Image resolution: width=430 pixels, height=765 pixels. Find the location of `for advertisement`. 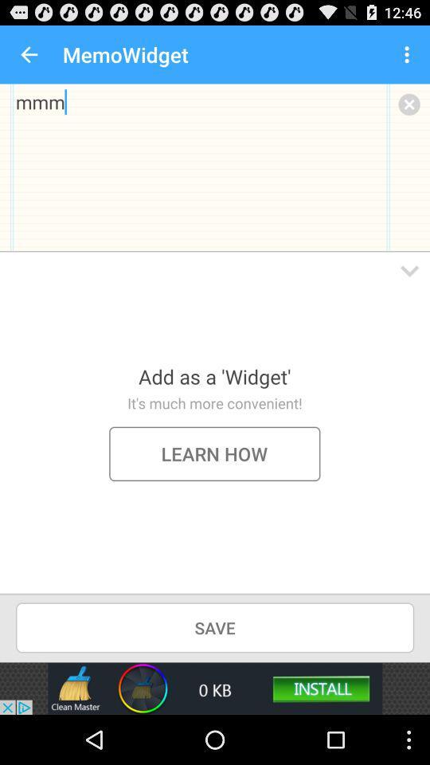

for advertisement is located at coordinates (215, 688).